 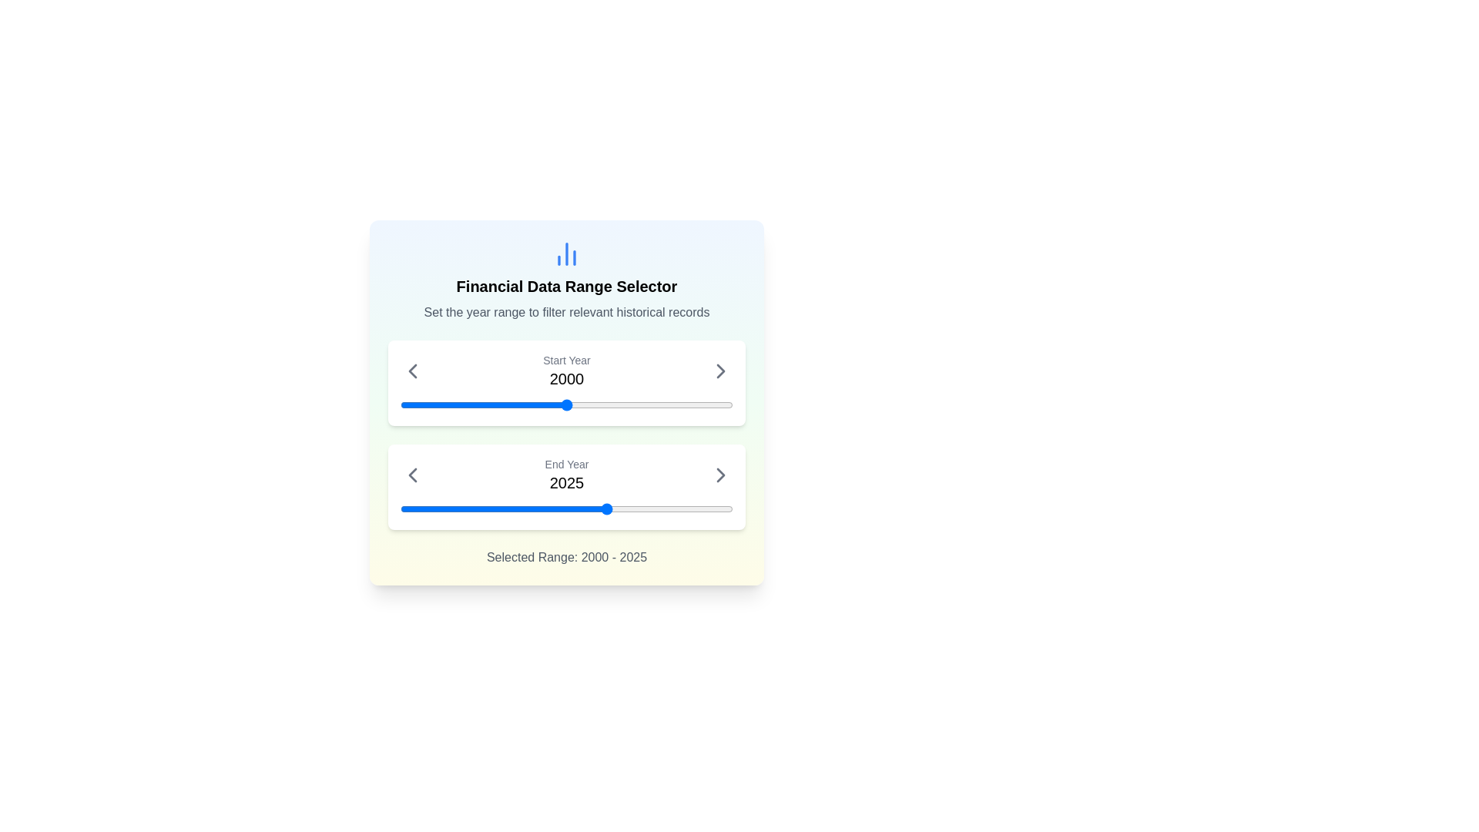 What do you see at coordinates (565, 382) in the screenshot?
I see `the blue marker on the interactive year slider located in the card displaying 'Start Year 2000'` at bounding box center [565, 382].